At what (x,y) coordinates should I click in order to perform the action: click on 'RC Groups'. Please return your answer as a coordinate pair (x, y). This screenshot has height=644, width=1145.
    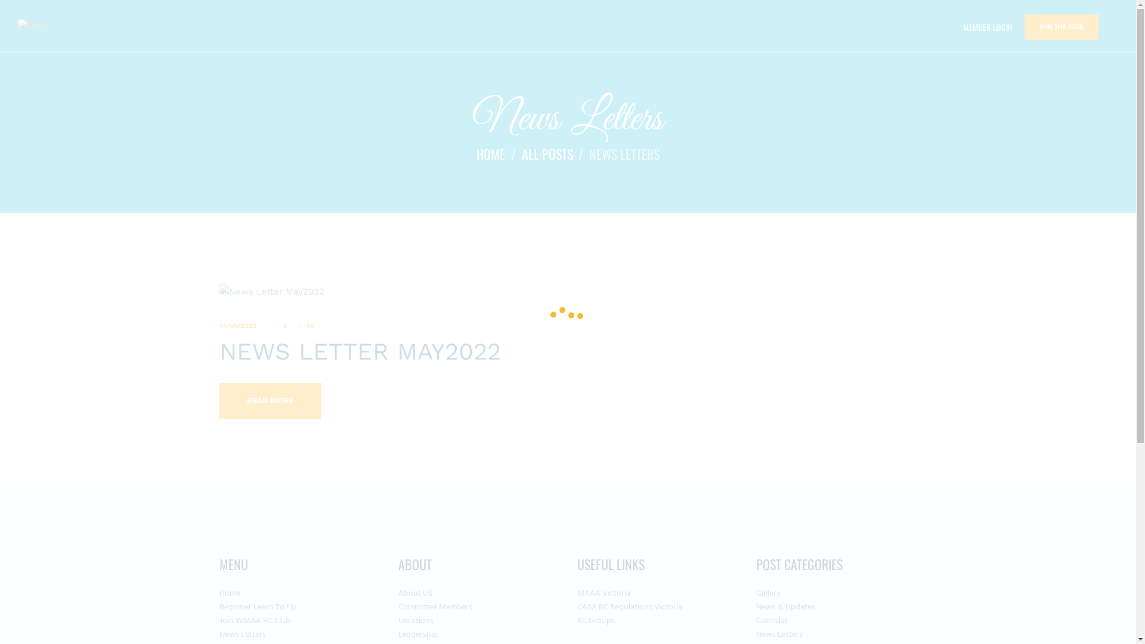
    Looking at the image, I should click on (596, 620).